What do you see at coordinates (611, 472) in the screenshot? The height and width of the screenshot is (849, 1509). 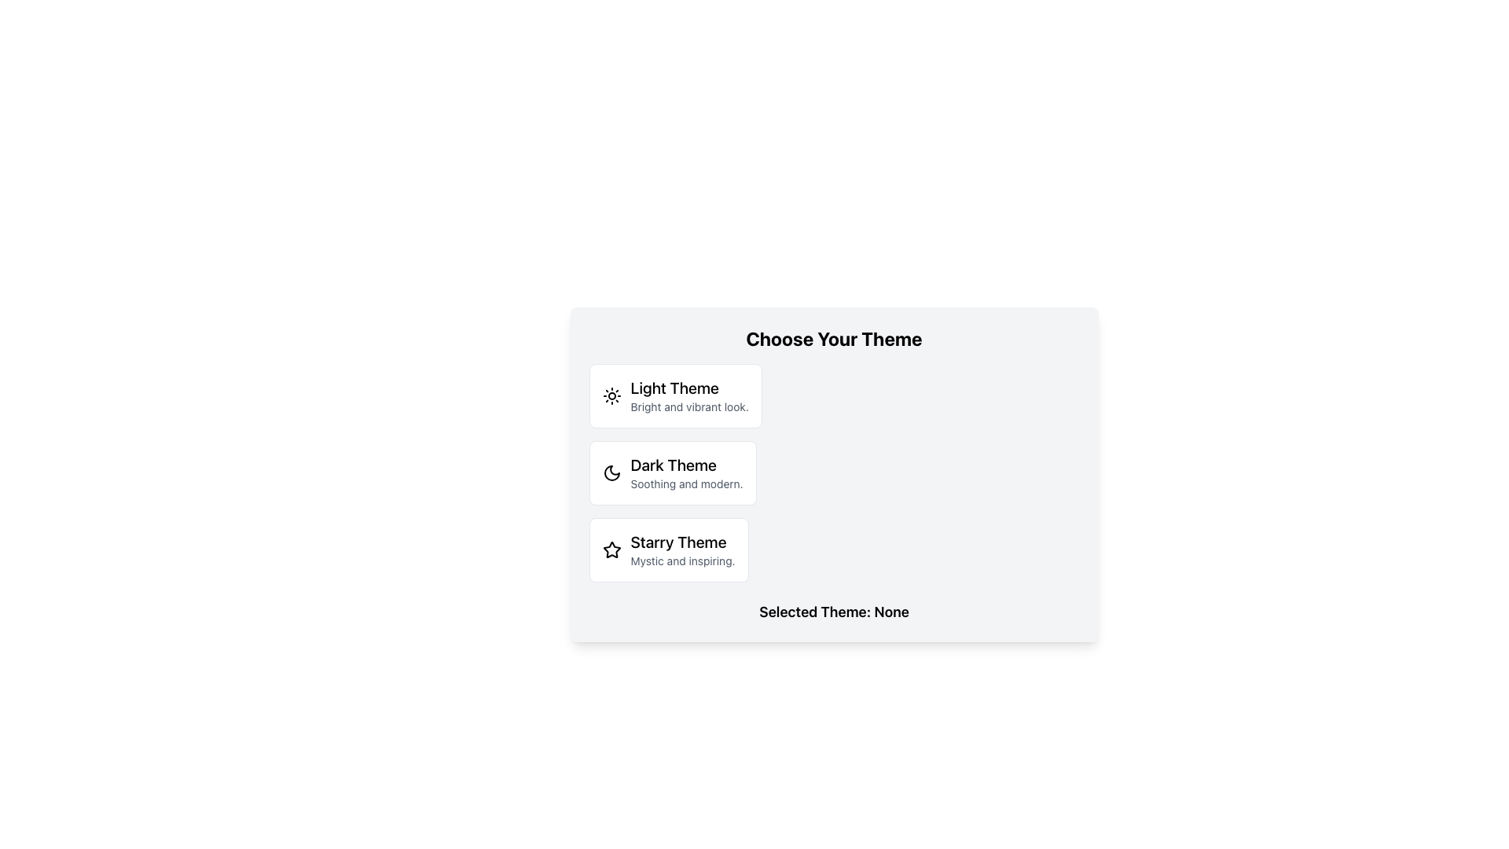 I see `the 'dark mode' icon in the 'Choose Your Theme' card, specifically the second option in the vertical list of themes` at bounding box center [611, 472].